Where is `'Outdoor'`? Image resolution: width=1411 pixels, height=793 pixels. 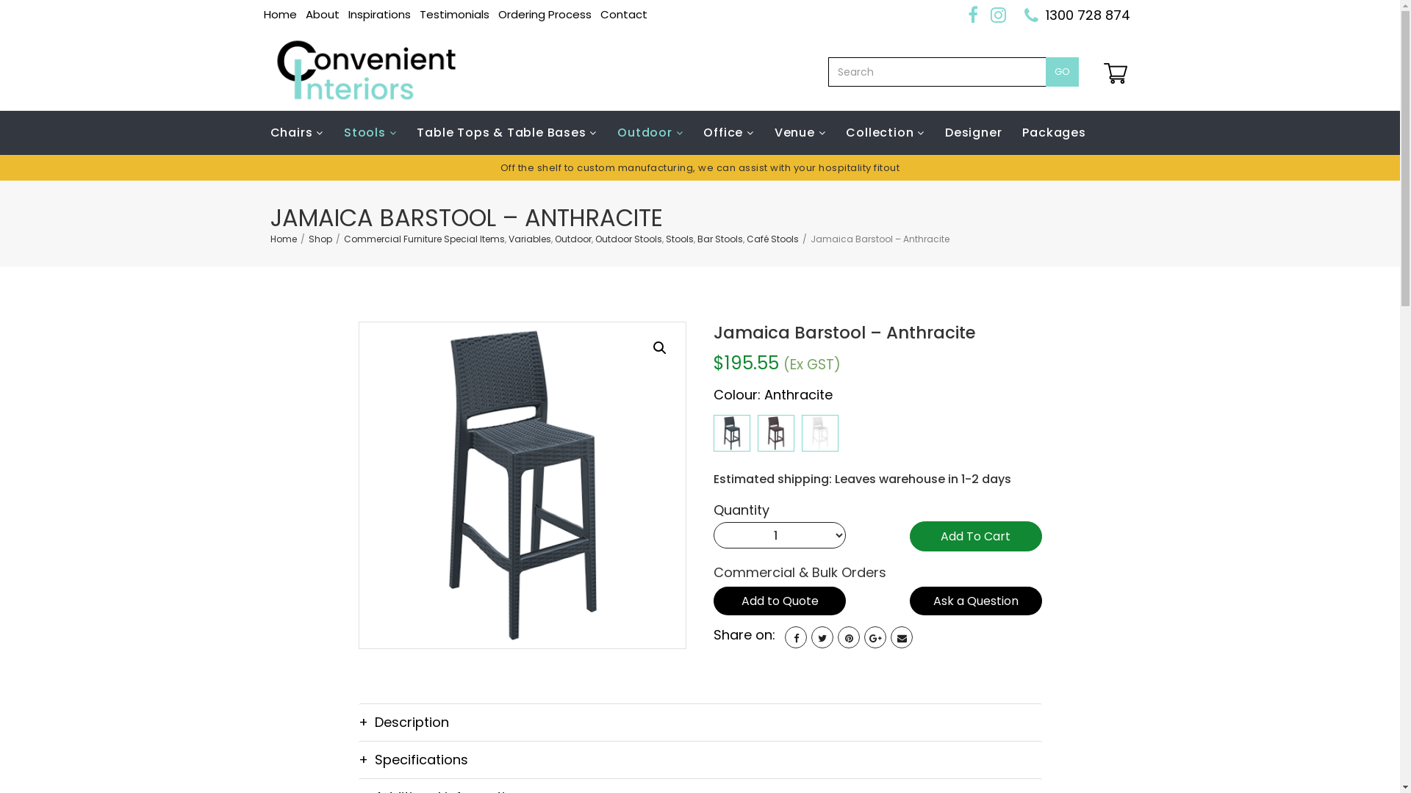
'Outdoor' is located at coordinates (649, 133).